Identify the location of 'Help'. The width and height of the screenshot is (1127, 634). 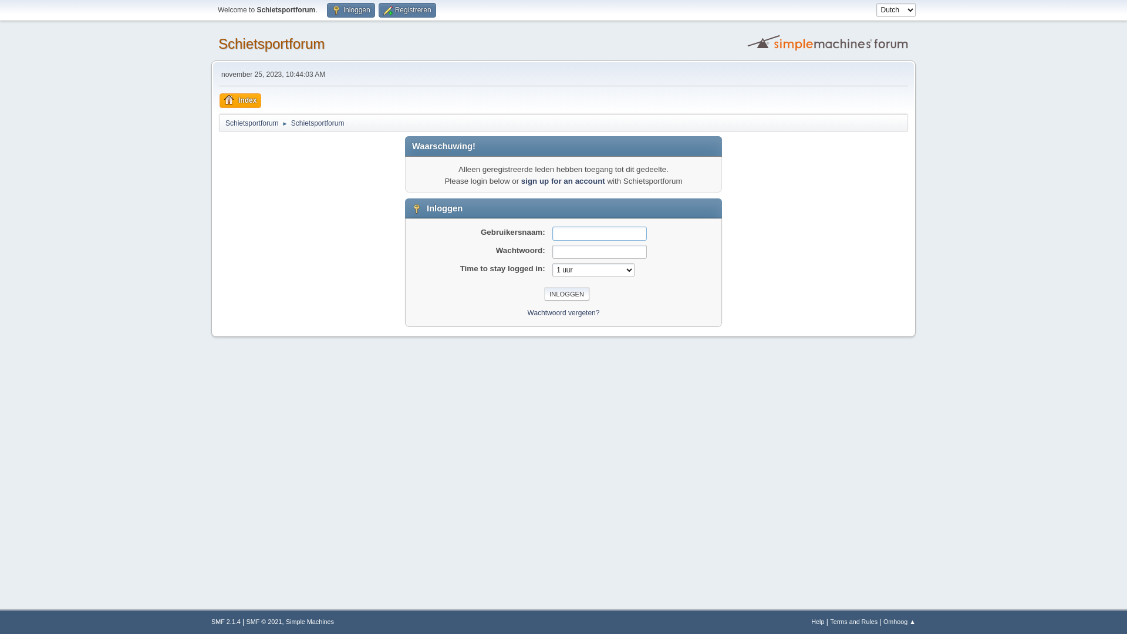
(816, 621).